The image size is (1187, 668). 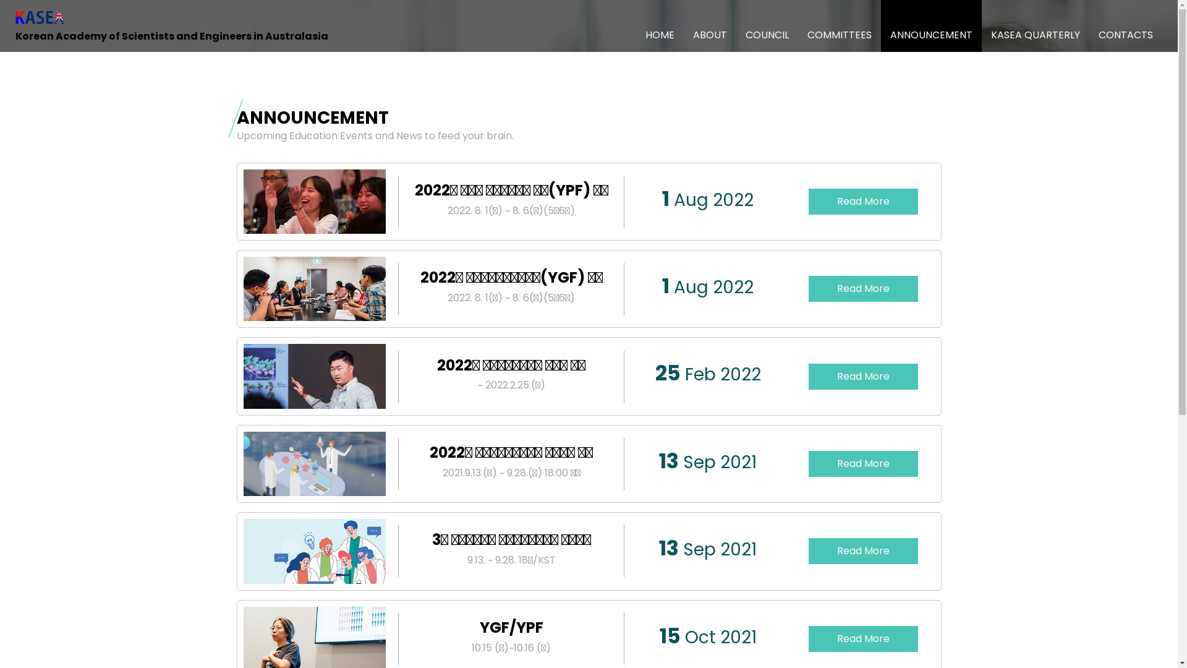 I want to click on 'Korean Academy of Scientists and Engineers in Australasia', so click(x=171, y=26).